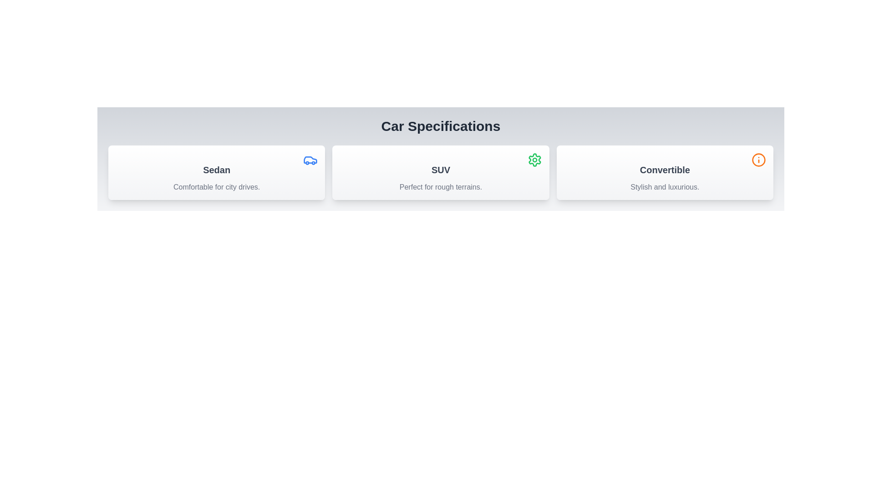 This screenshot has width=874, height=491. What do you see at coordinates (665, 187) in the screenshot?
I see `text label 'Stylish and luxurious.' located below the title 'Convertible' in the third card of the 'Car Specifications' section` at bounding box center [665, 187].